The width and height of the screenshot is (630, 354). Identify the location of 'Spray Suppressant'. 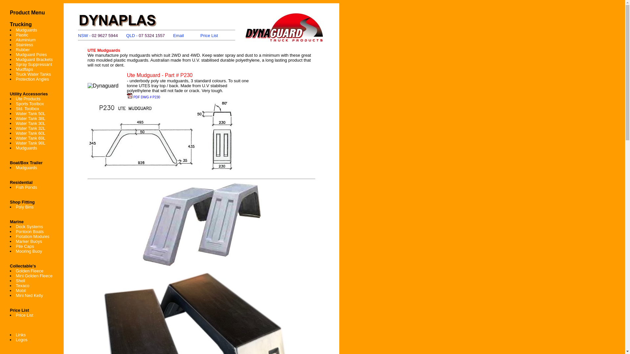
(16, 64).